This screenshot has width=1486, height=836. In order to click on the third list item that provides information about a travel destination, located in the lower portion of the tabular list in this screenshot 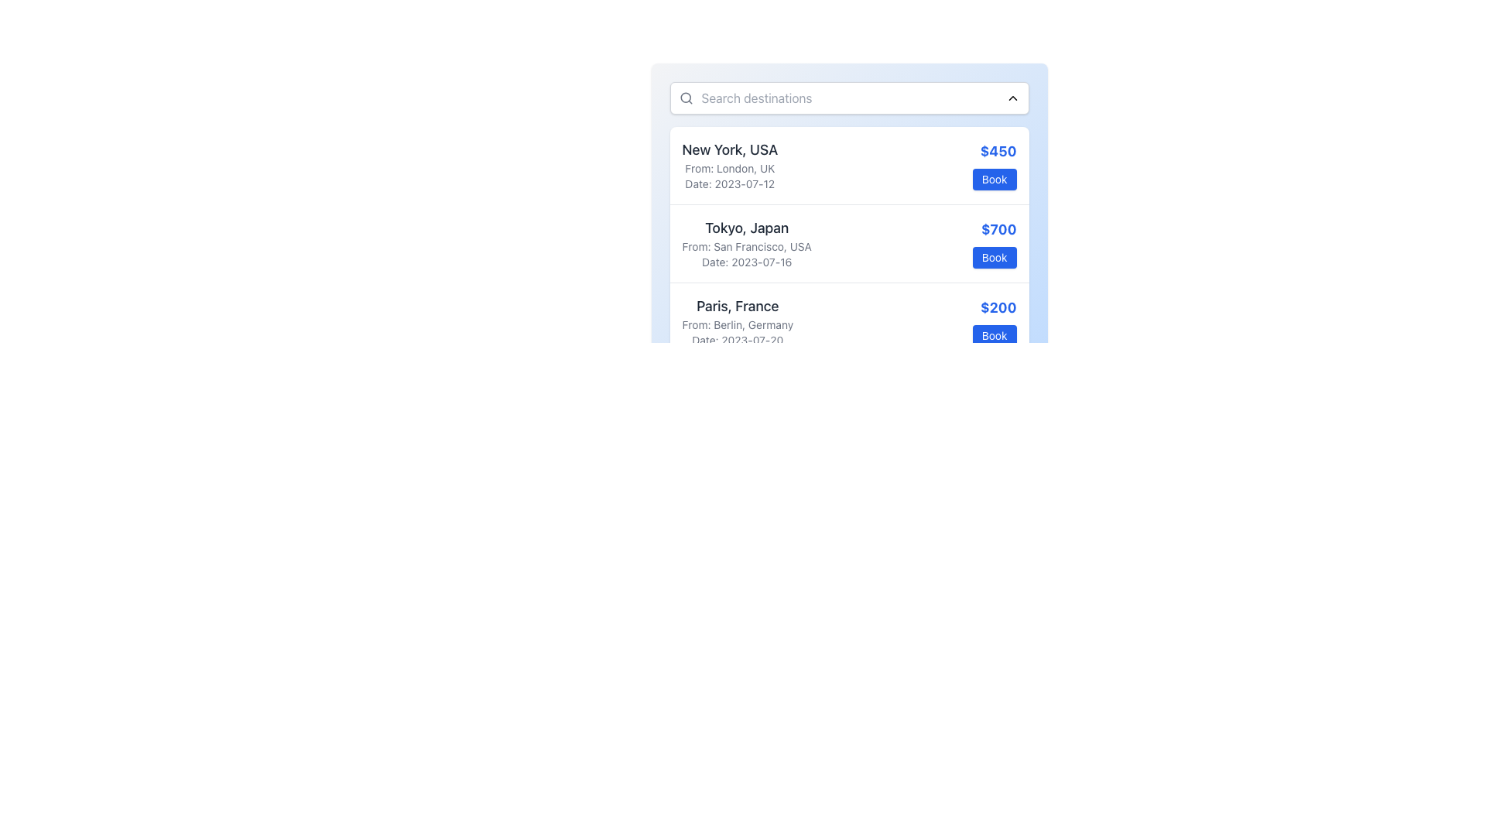, I will do `click(737, 321)`.